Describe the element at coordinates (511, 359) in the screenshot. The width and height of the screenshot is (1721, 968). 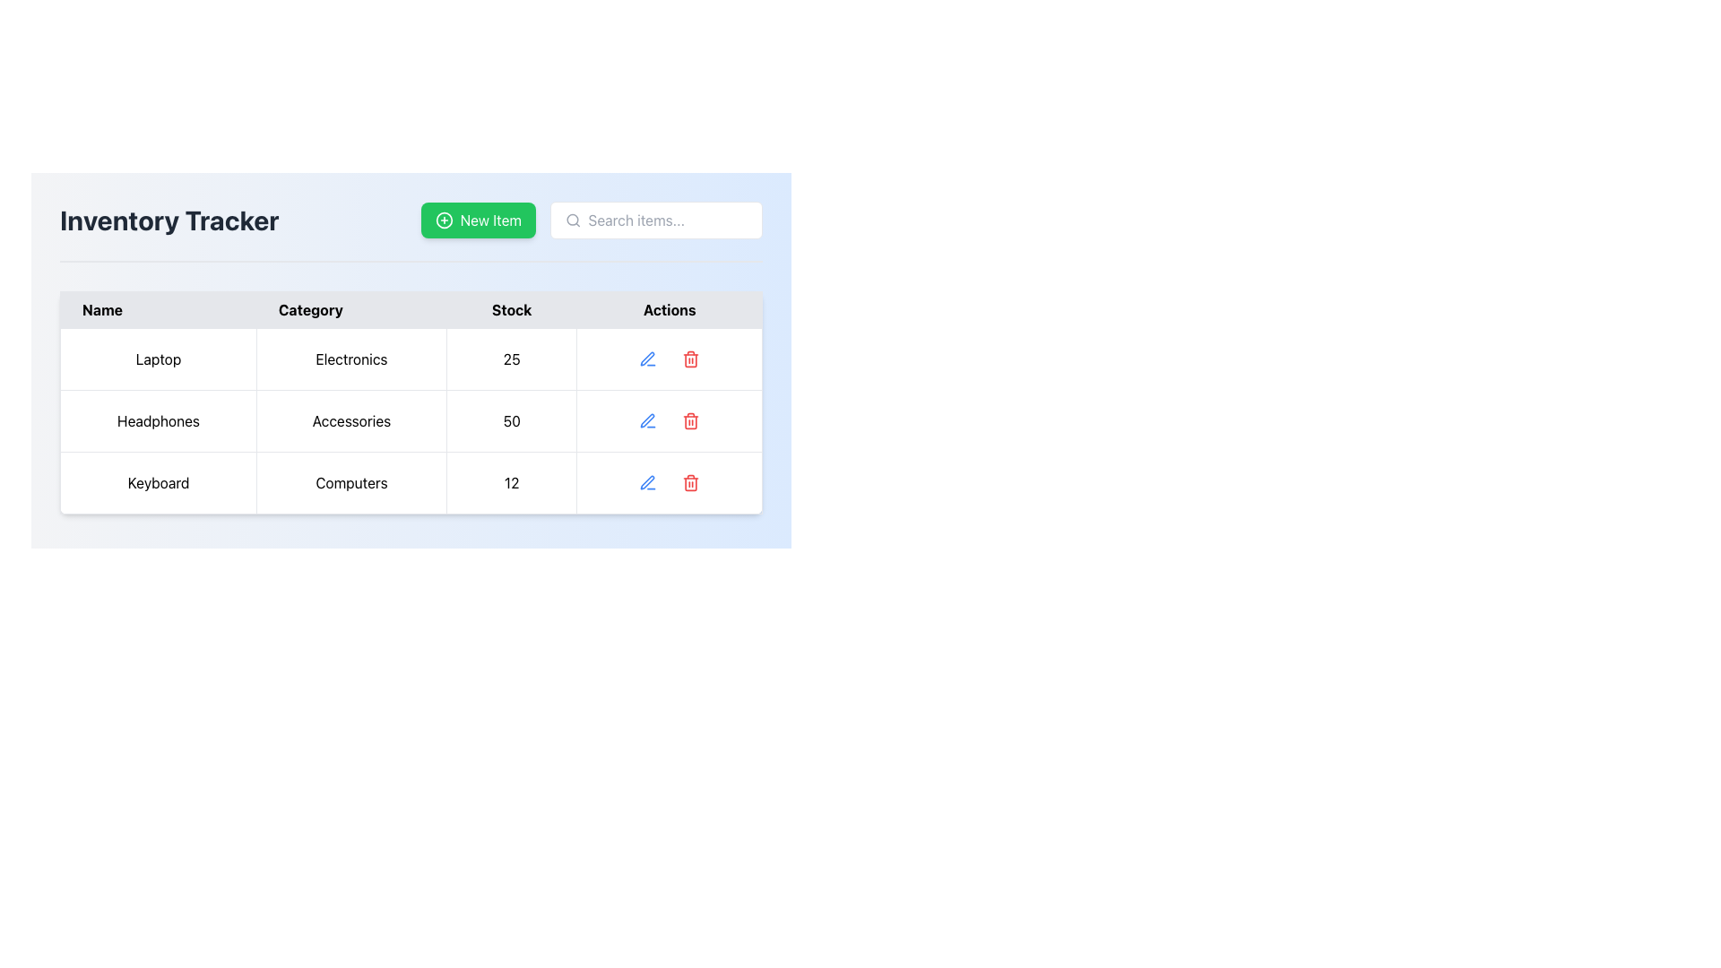
I see `the text element displaying the number '25' in bold black font located in the first row under the 'Stock' column of the table` at that location.